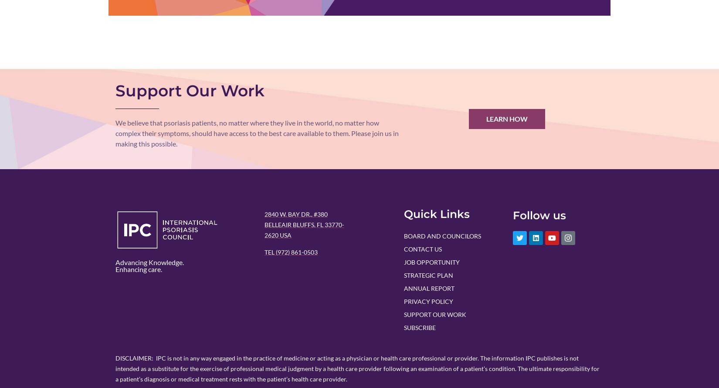  What do you see at coordinates (357, 368) in the screenshot?
I see `'DISCLAIMER:  IPC is not in any way engaged in the practice of medicine or acting as a physician or health care professional or provider. The information IPC publishes is not intended as a substitute for the exercise of professional medical judgment by a health care provider following an examination of a patient’s condition. The ultimate responsibility for a patient’s diagnosis or medical treatment rests with the patient’s health care provider.'` at bounding box center [357, 368].